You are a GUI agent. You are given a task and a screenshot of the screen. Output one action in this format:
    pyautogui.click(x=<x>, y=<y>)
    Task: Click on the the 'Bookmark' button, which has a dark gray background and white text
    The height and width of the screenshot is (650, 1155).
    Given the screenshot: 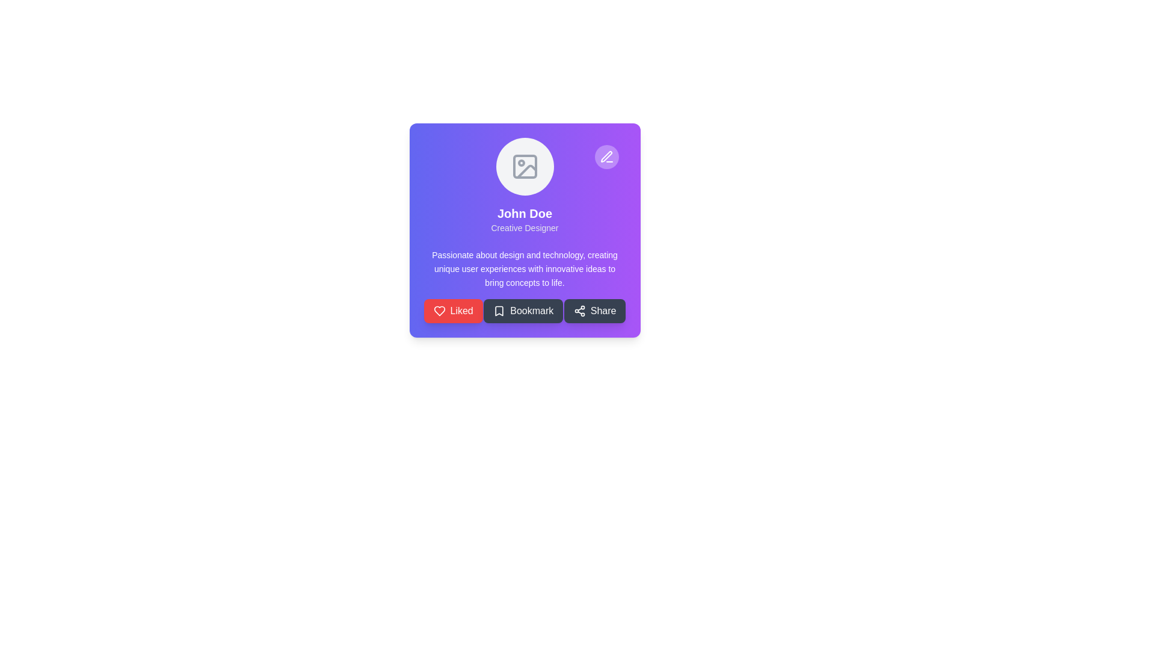 What is the action you would take?
    pyautogui.click(x=523, y=311)
    